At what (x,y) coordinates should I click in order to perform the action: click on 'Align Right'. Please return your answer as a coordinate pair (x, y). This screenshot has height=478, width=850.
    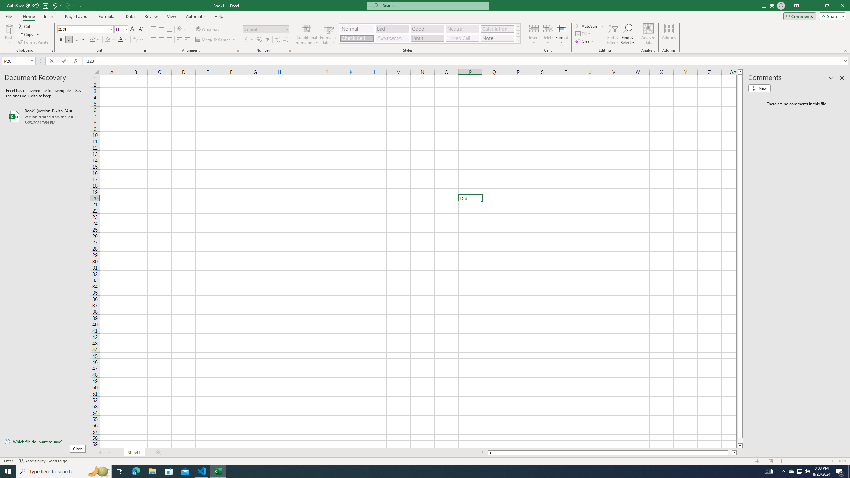
    Looking at the image, I should click on (169, 39).